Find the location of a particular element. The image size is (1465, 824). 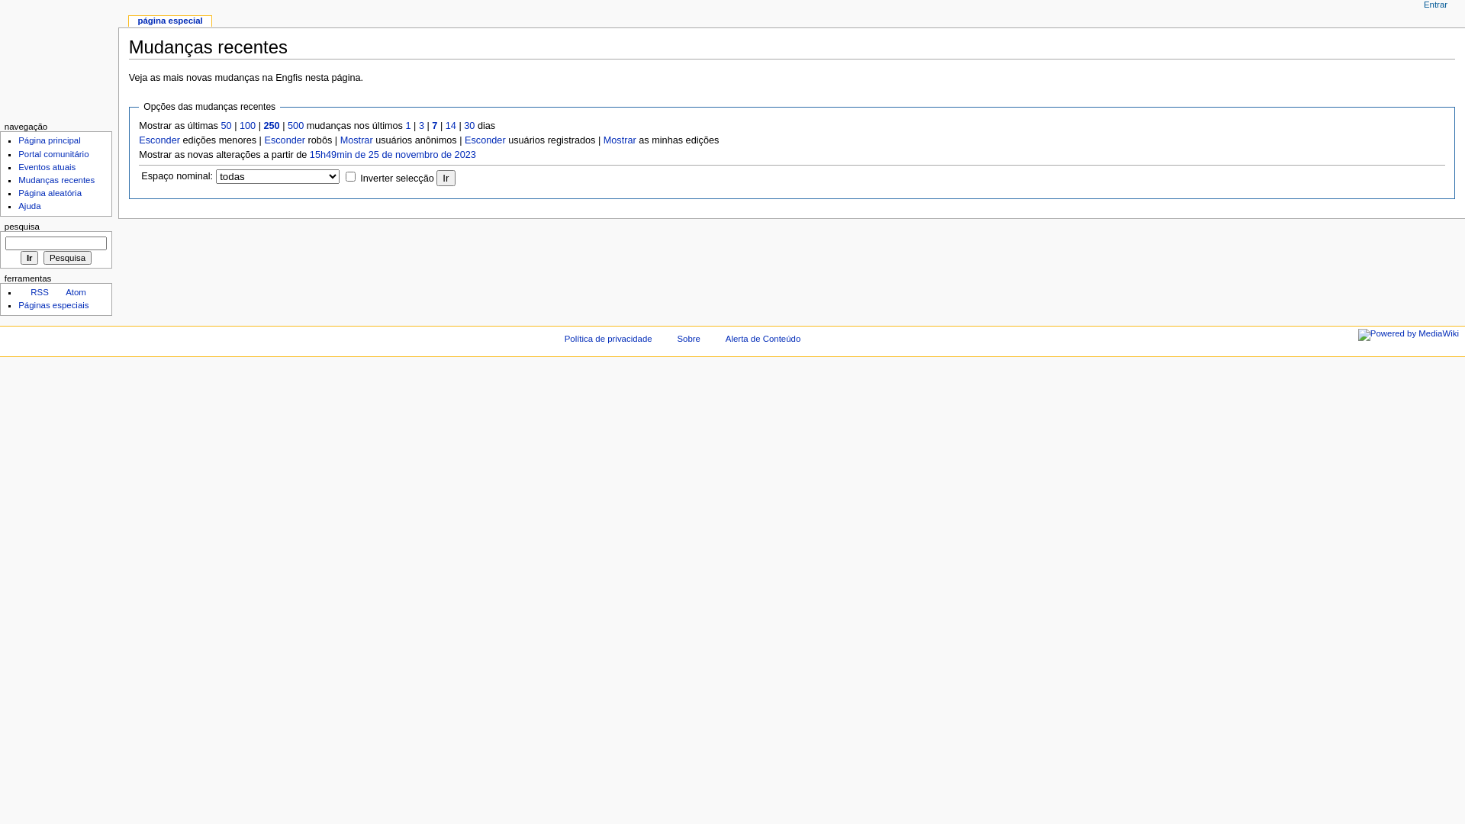

'Pesquisar nesta wiki [f]' is located at coordinates (56, 243).